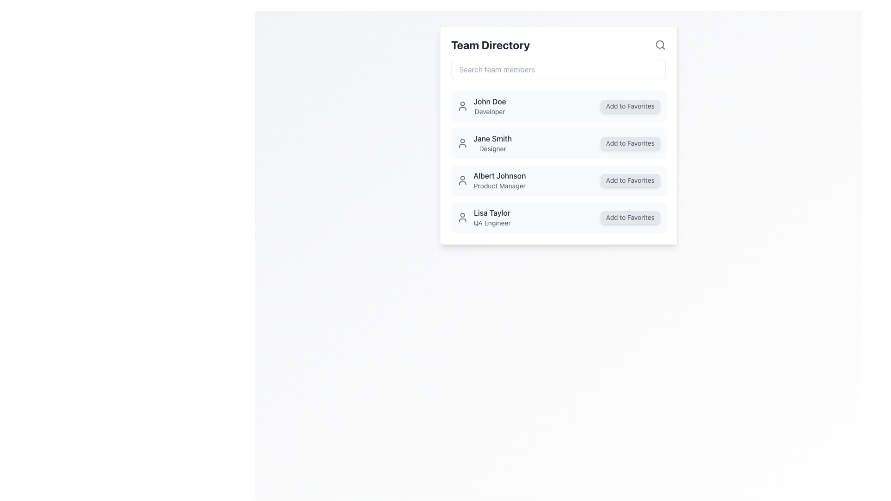 Image resolution: width=891 pixels, height=501 pixels. I want to click on the text element displaying 'Albert Johnson', which is the first line in the team member's profile entry in the 'Team Directory' panel, so click(499, 175).